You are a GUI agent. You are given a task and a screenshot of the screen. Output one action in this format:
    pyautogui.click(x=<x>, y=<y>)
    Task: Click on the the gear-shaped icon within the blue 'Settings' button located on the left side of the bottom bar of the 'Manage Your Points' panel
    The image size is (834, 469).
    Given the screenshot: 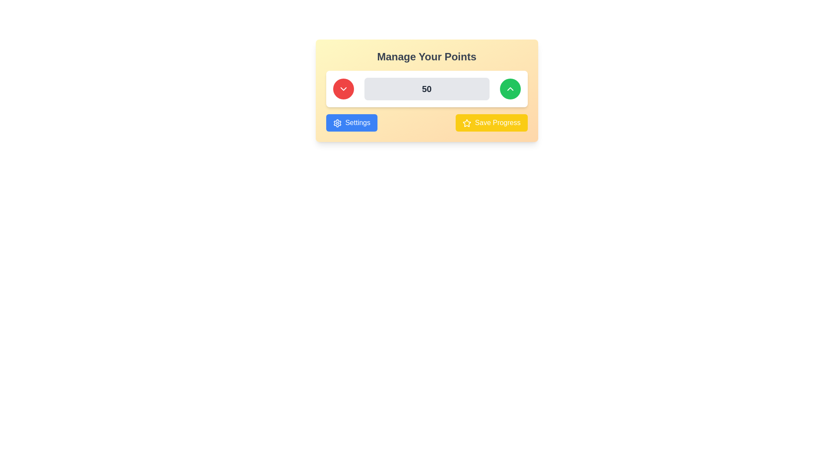 What is the action you would take?
    pyautogui.click(x=337, y=123)
    